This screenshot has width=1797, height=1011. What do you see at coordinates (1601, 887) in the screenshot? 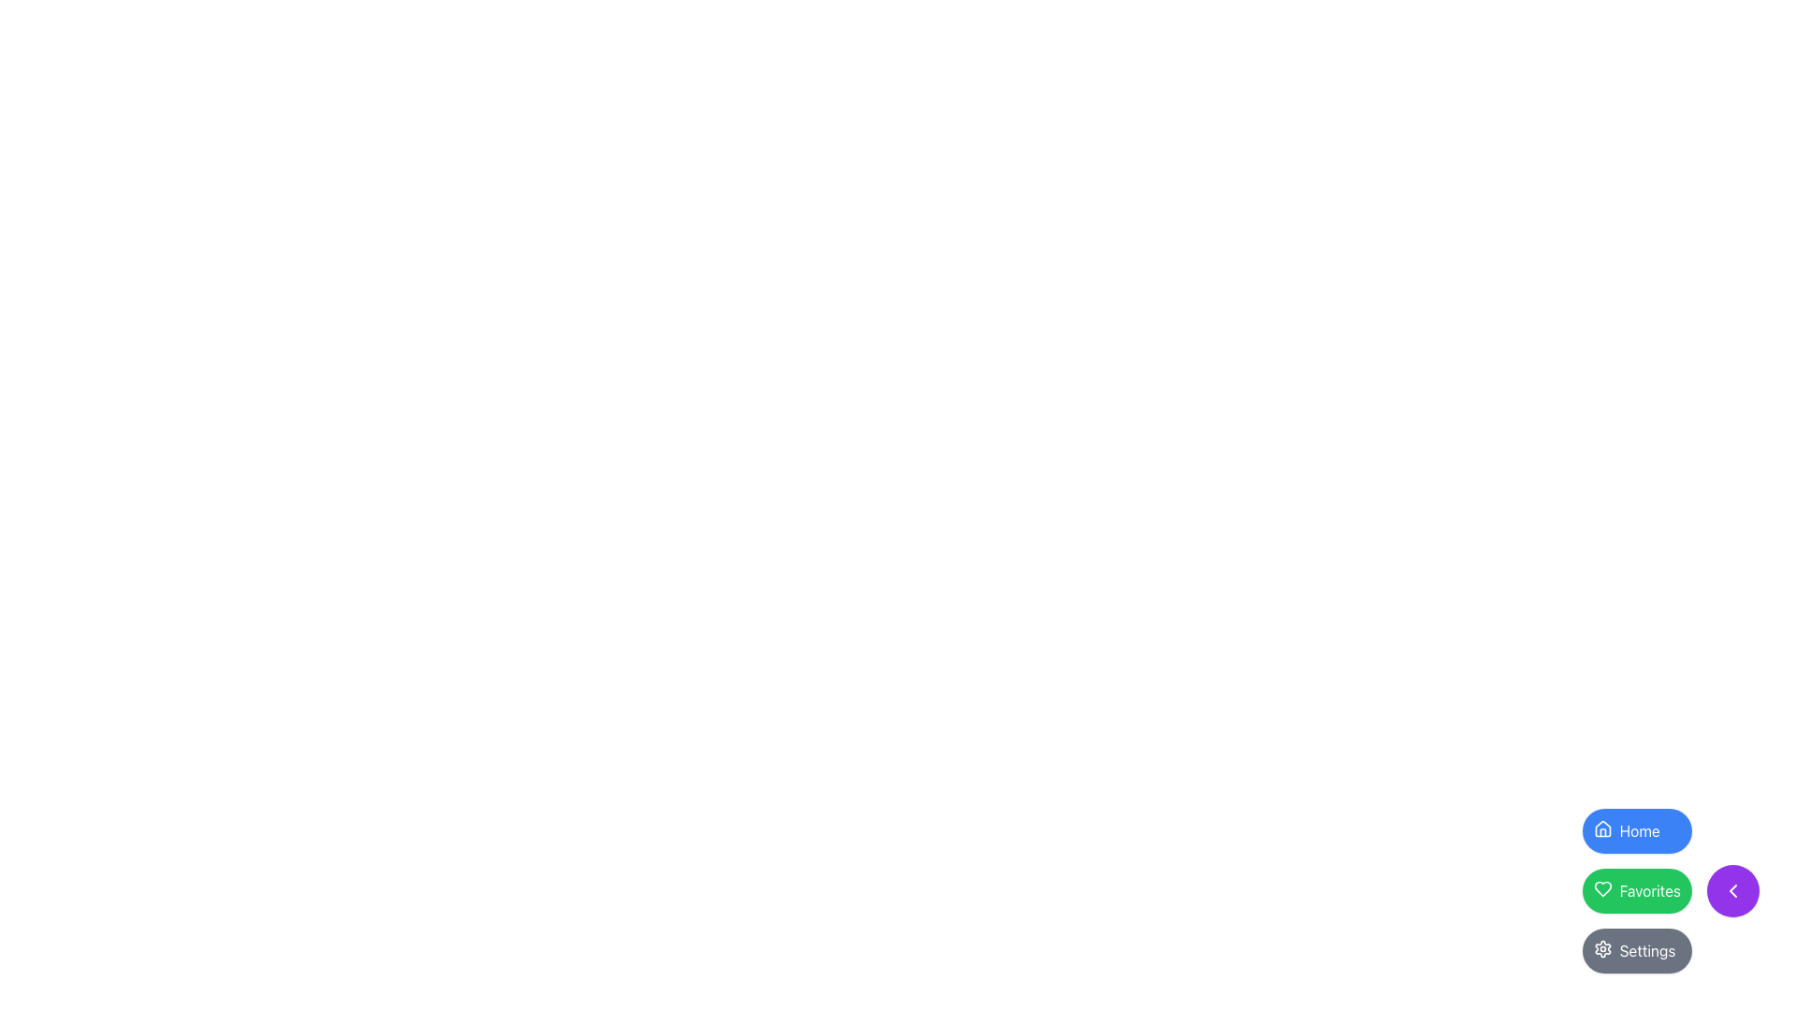
I see `the 'Favorites' button, which contains the 'favorite' icon located to the left of the text 'Favorites'` at bounding box center [1601, 887].